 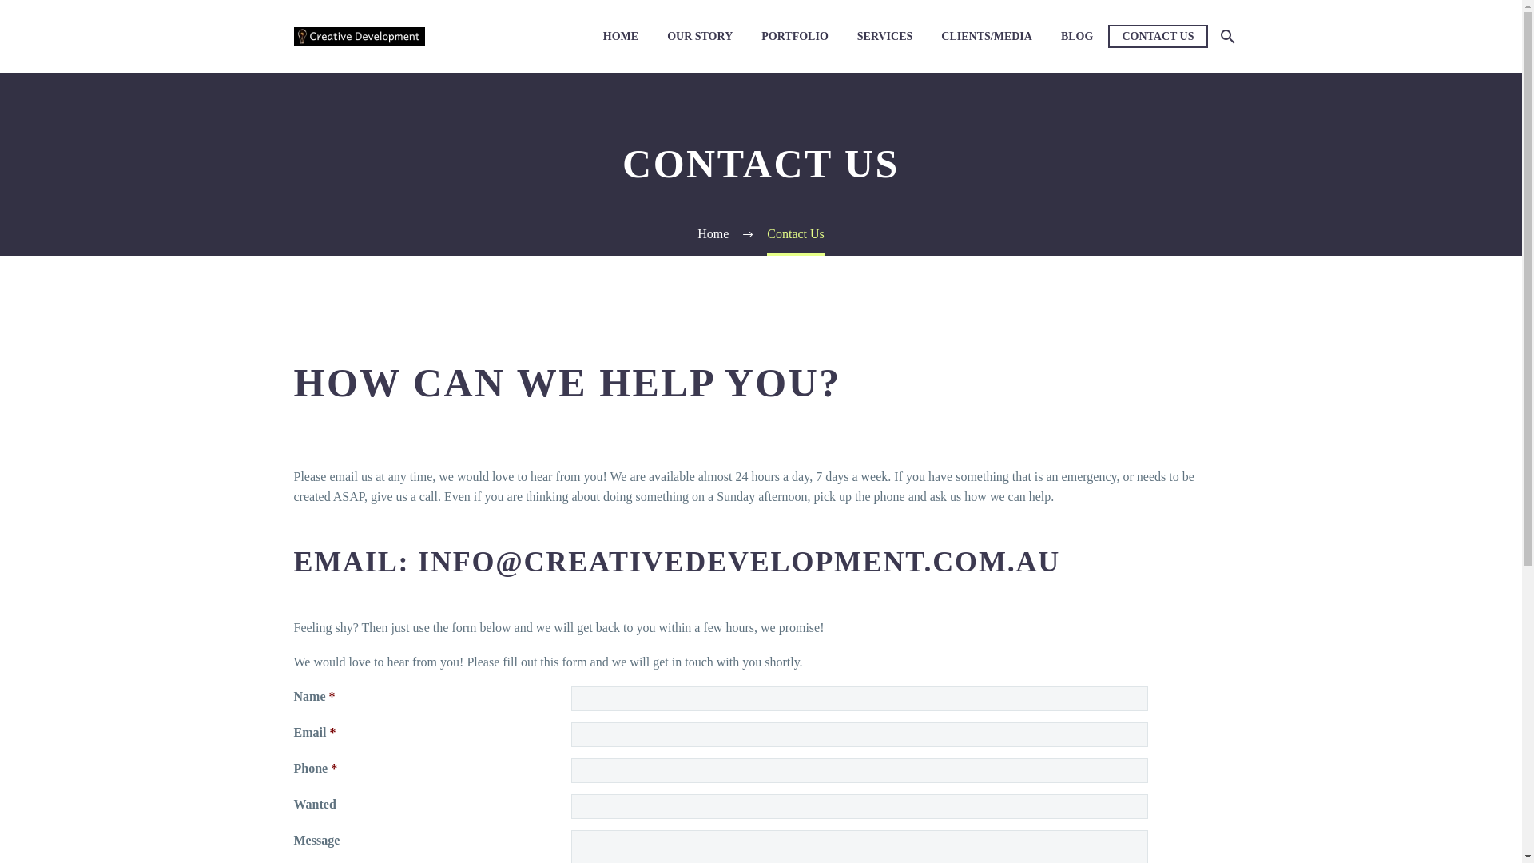 What do you see at coordinates (712, 233) in the screenshot?
I see `'Home'` at bounding box center [712, 233].